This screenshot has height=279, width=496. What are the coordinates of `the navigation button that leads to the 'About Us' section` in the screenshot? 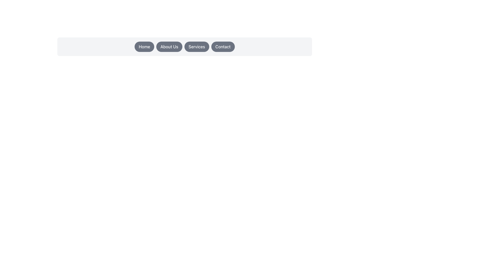 It's located at (169, 47).